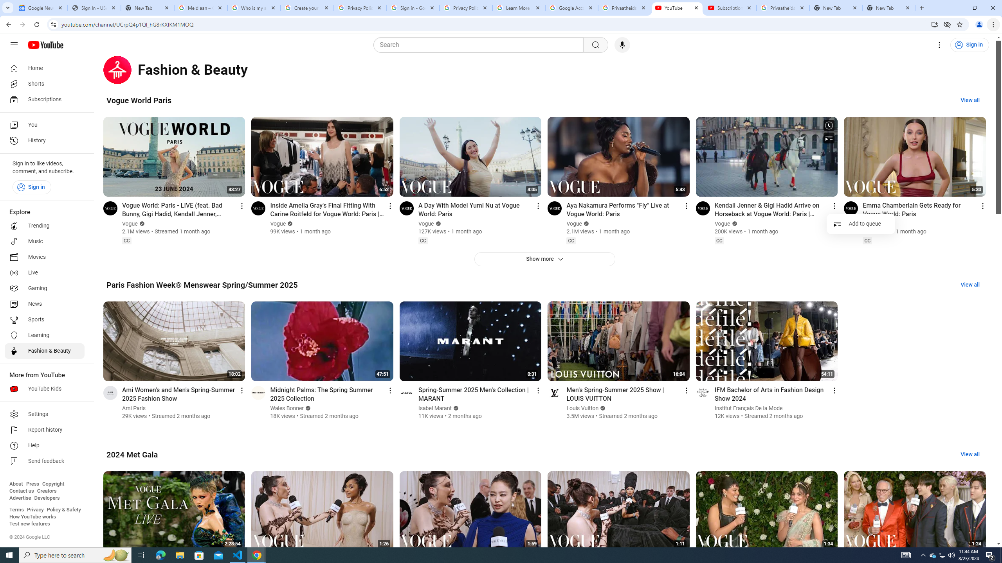  I want to click on 'Send feedback', so click(44, 461).